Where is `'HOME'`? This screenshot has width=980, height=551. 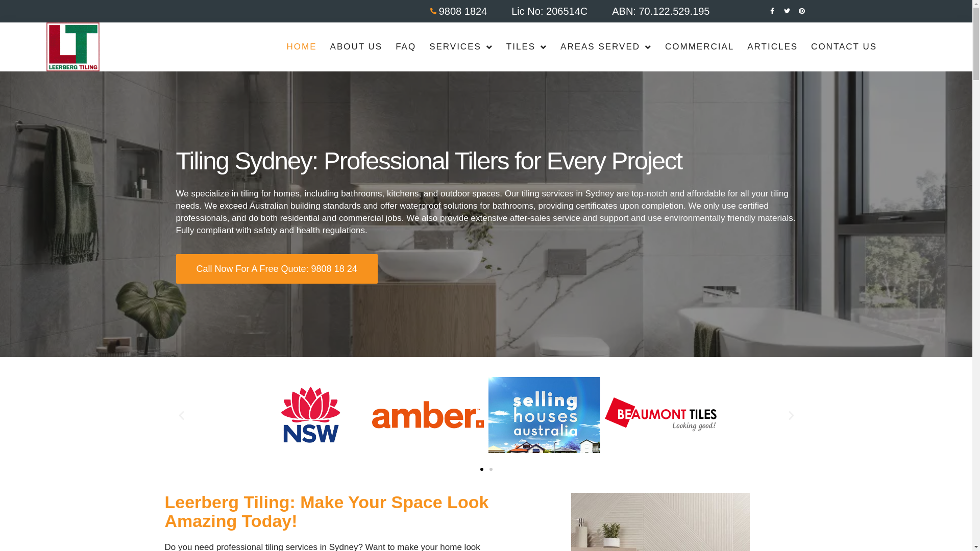 'HOME' is located at coordinates (301, 47).